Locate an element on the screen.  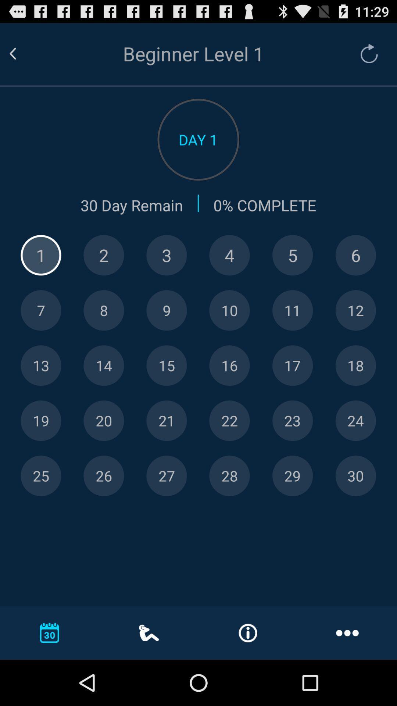
day select button is located at coordinates (355, 421).